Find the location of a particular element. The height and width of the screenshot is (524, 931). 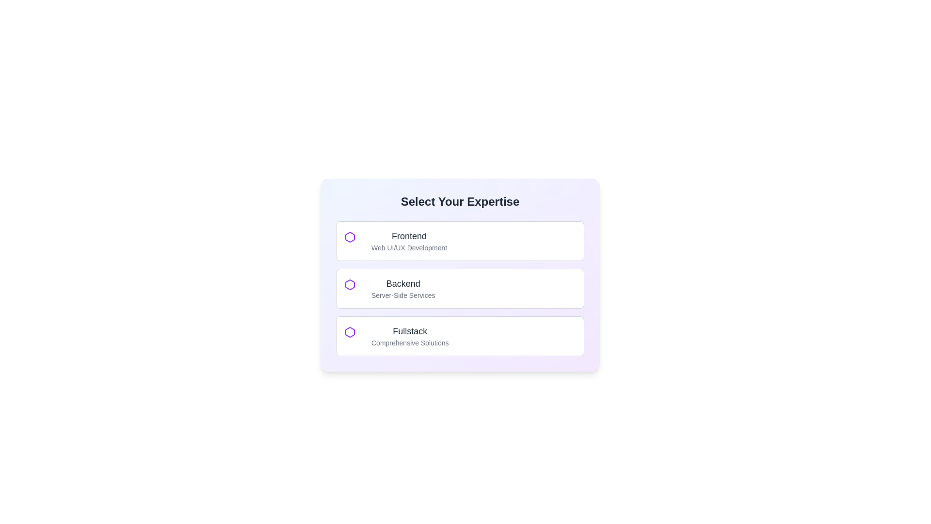

the 'Fullstack' expertise Text Label in the selection interface, which is located below the 'Backend' option and above any following content is located at coordinates (410, 336).